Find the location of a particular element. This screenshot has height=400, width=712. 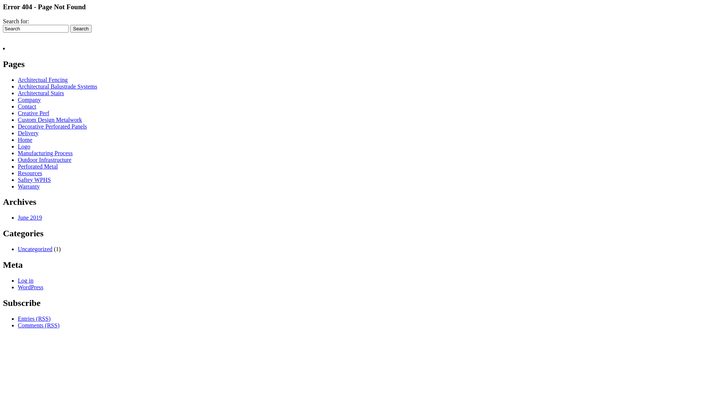

'Decorative Perforated Panels' is located at coordinates (18, 126).